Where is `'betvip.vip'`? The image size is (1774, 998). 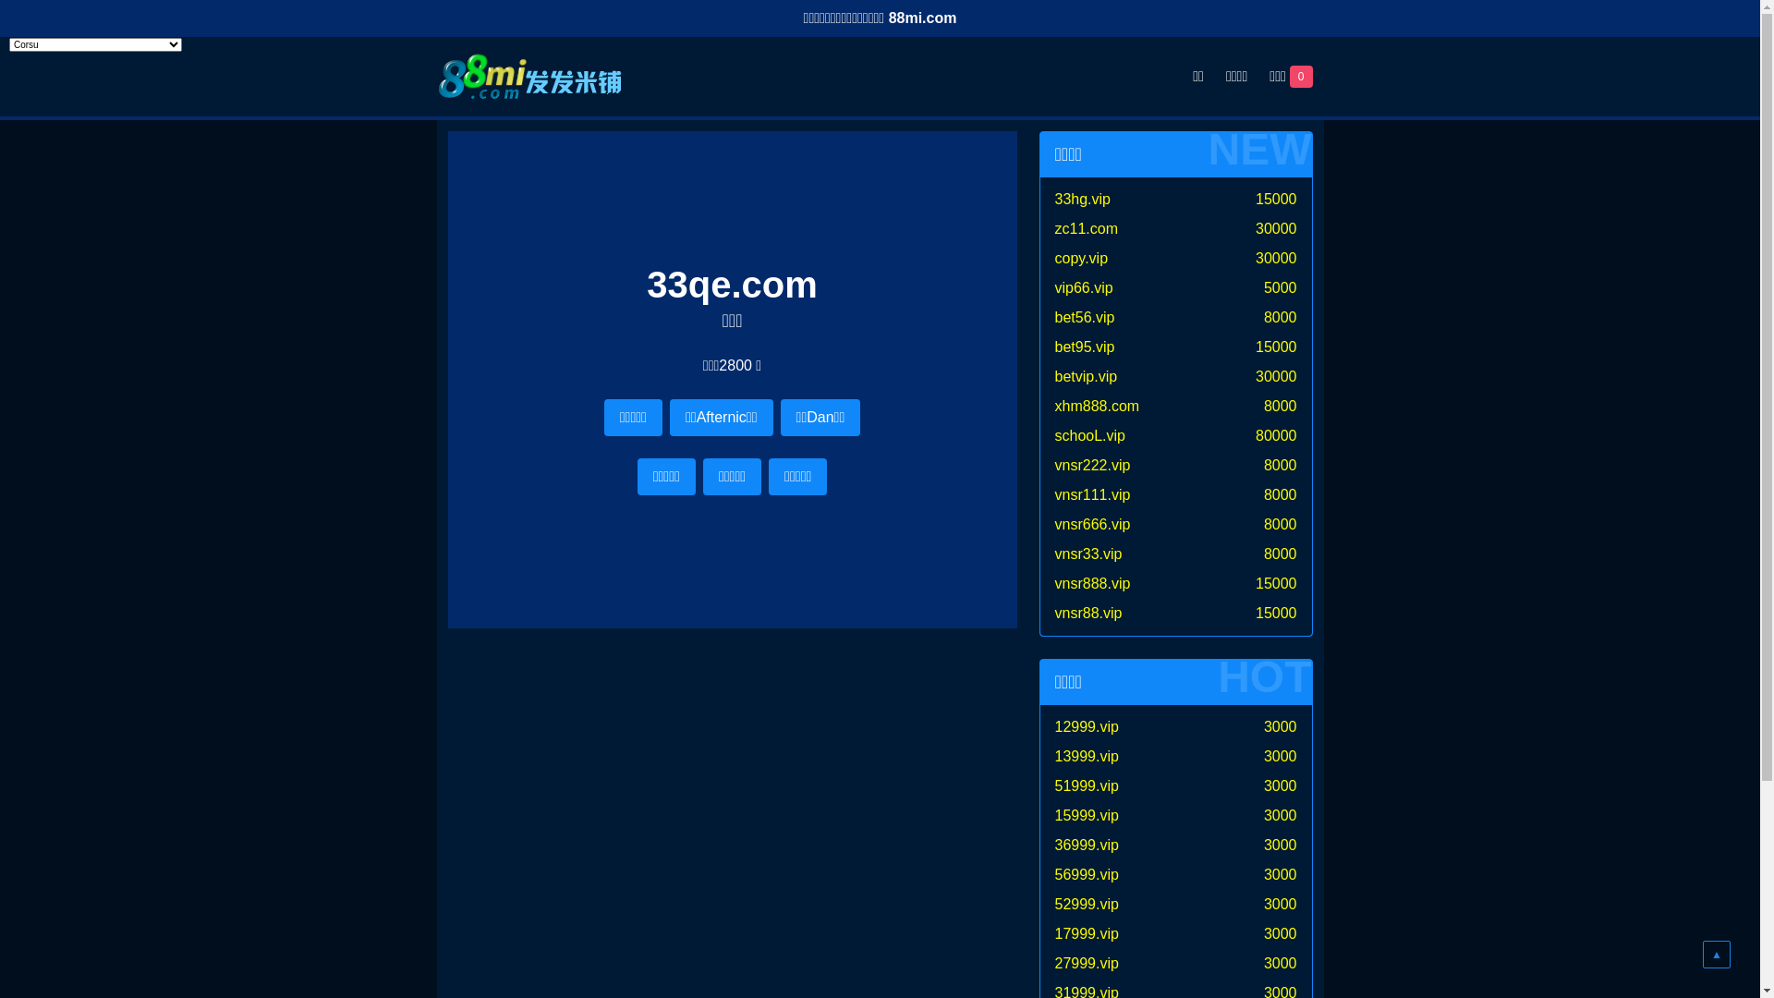
'betvip.vip' is located at coordinates (1087, 375).